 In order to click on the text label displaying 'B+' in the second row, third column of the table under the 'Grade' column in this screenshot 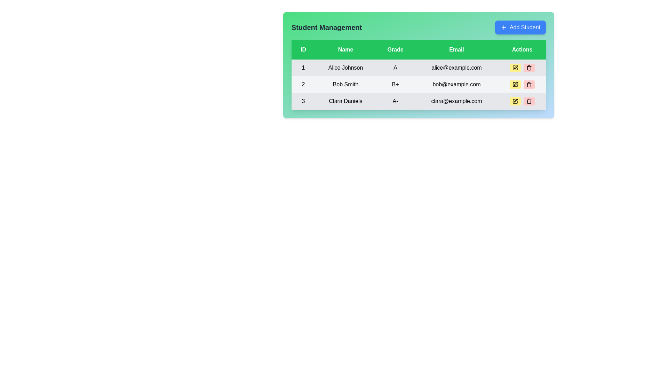, I will do `click(395, 84)`.